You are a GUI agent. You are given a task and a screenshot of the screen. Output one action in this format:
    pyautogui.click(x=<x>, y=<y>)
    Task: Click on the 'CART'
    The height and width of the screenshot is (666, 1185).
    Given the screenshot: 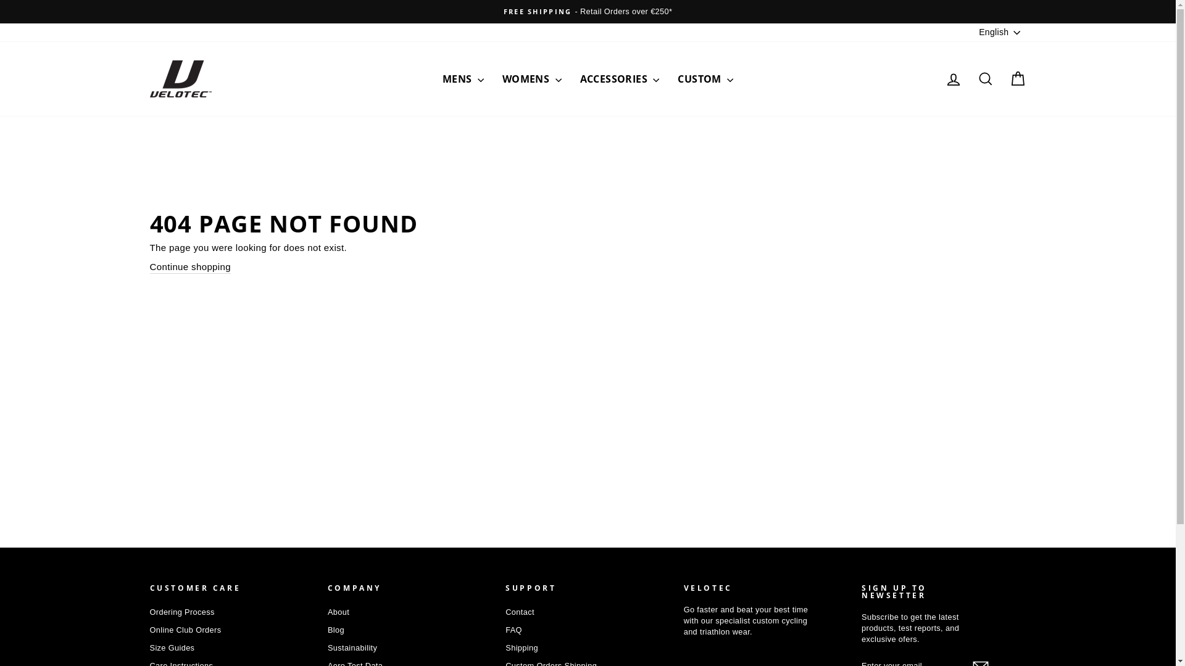 What is the action you would take?
    pyautogui.click(x=1017, y=78)
    